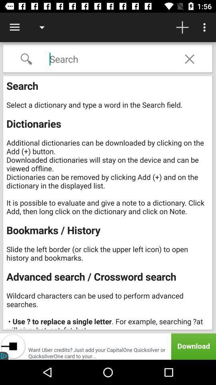 This screenshot has width=216, height=385. Describe the element at coordinates (108, 346) in the screenshot. I see `icon below search select a` at that location.